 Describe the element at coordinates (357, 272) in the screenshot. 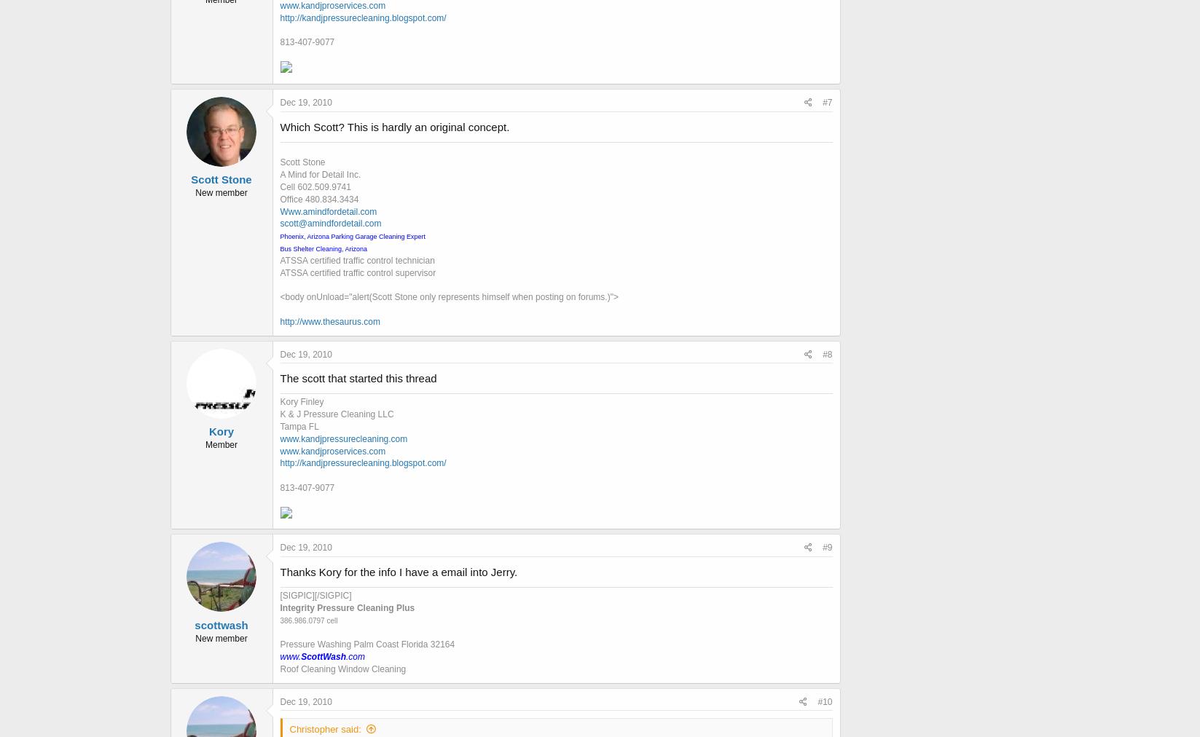

I see `'ATSSA certified traffic control supervisor'` at that location.